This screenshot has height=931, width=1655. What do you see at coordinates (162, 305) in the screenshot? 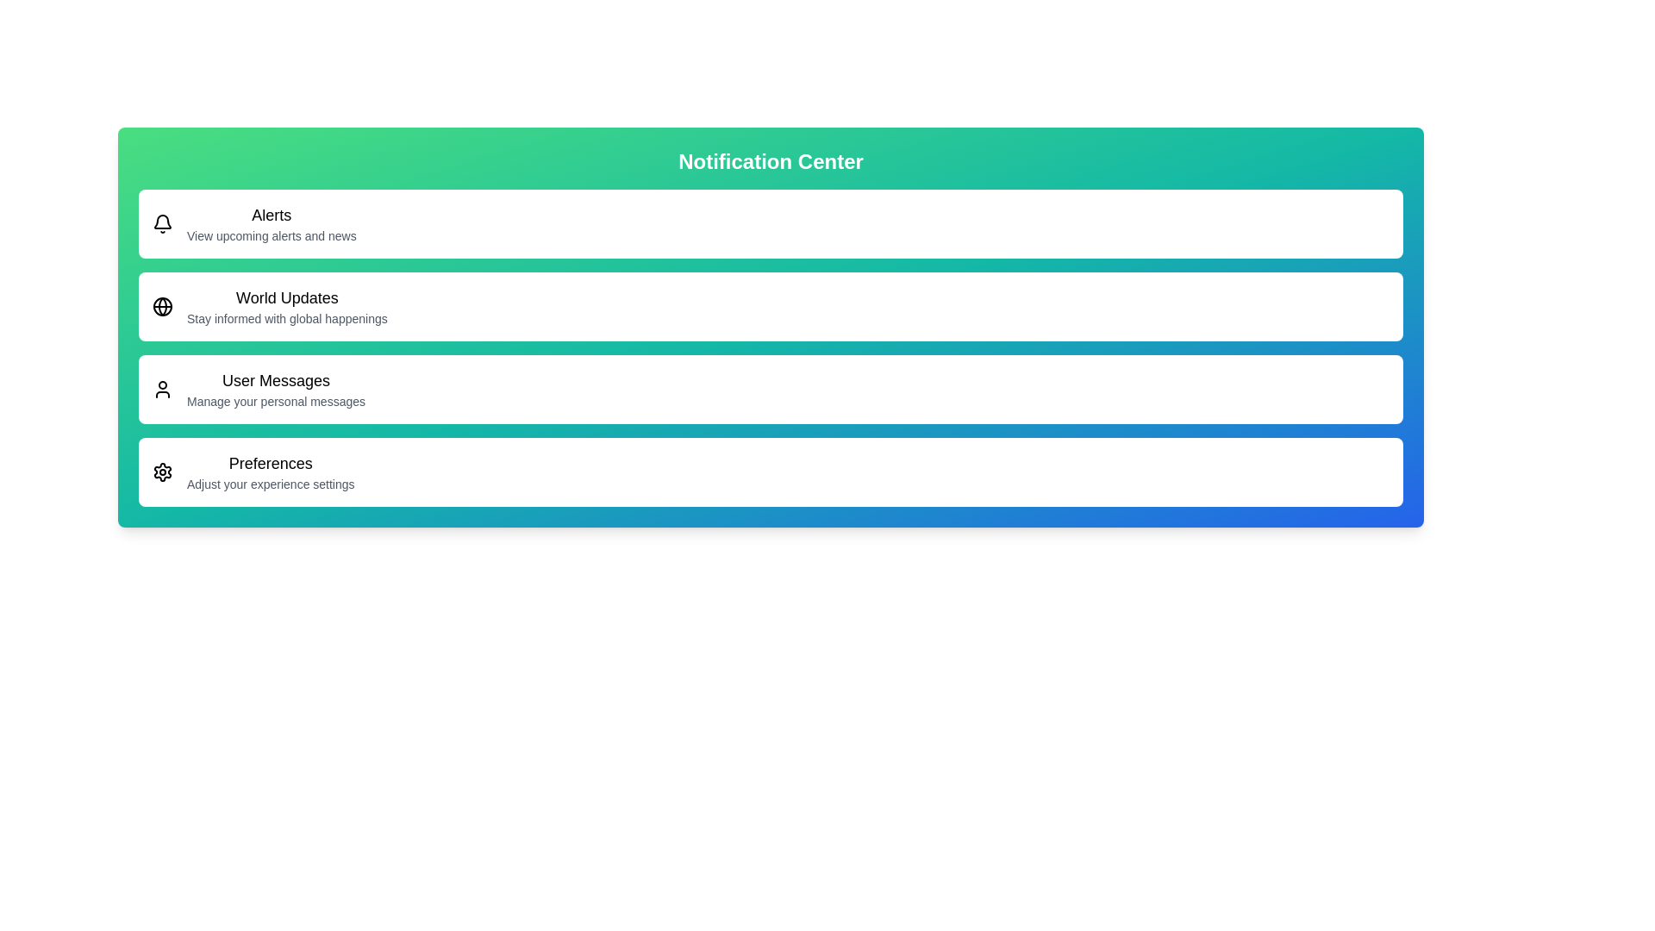
I see `the menu item corresponding to World Updates to examine its iconography` at bounding box center [162, 305].